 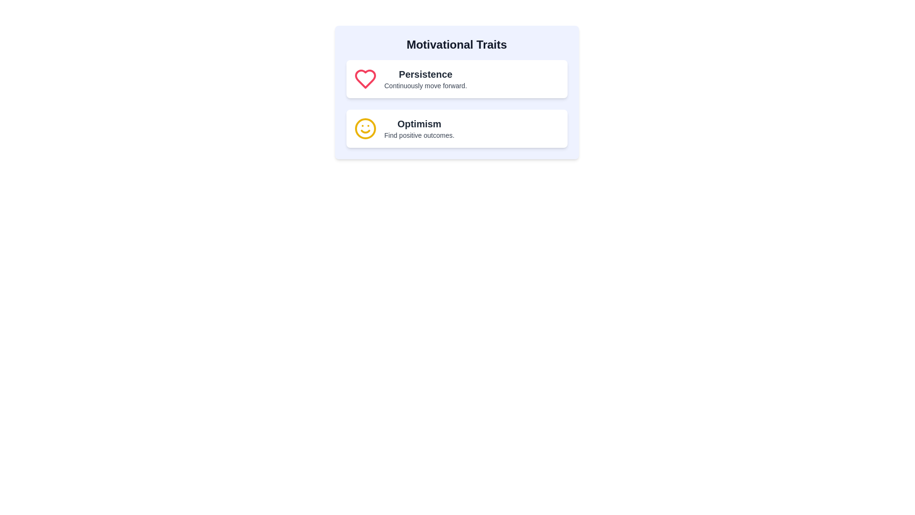 I want to click on the descriptive text label displaying 'Continuously move forward.' located below the 'Persistence' header in the first card, so click(x=425, y=86).